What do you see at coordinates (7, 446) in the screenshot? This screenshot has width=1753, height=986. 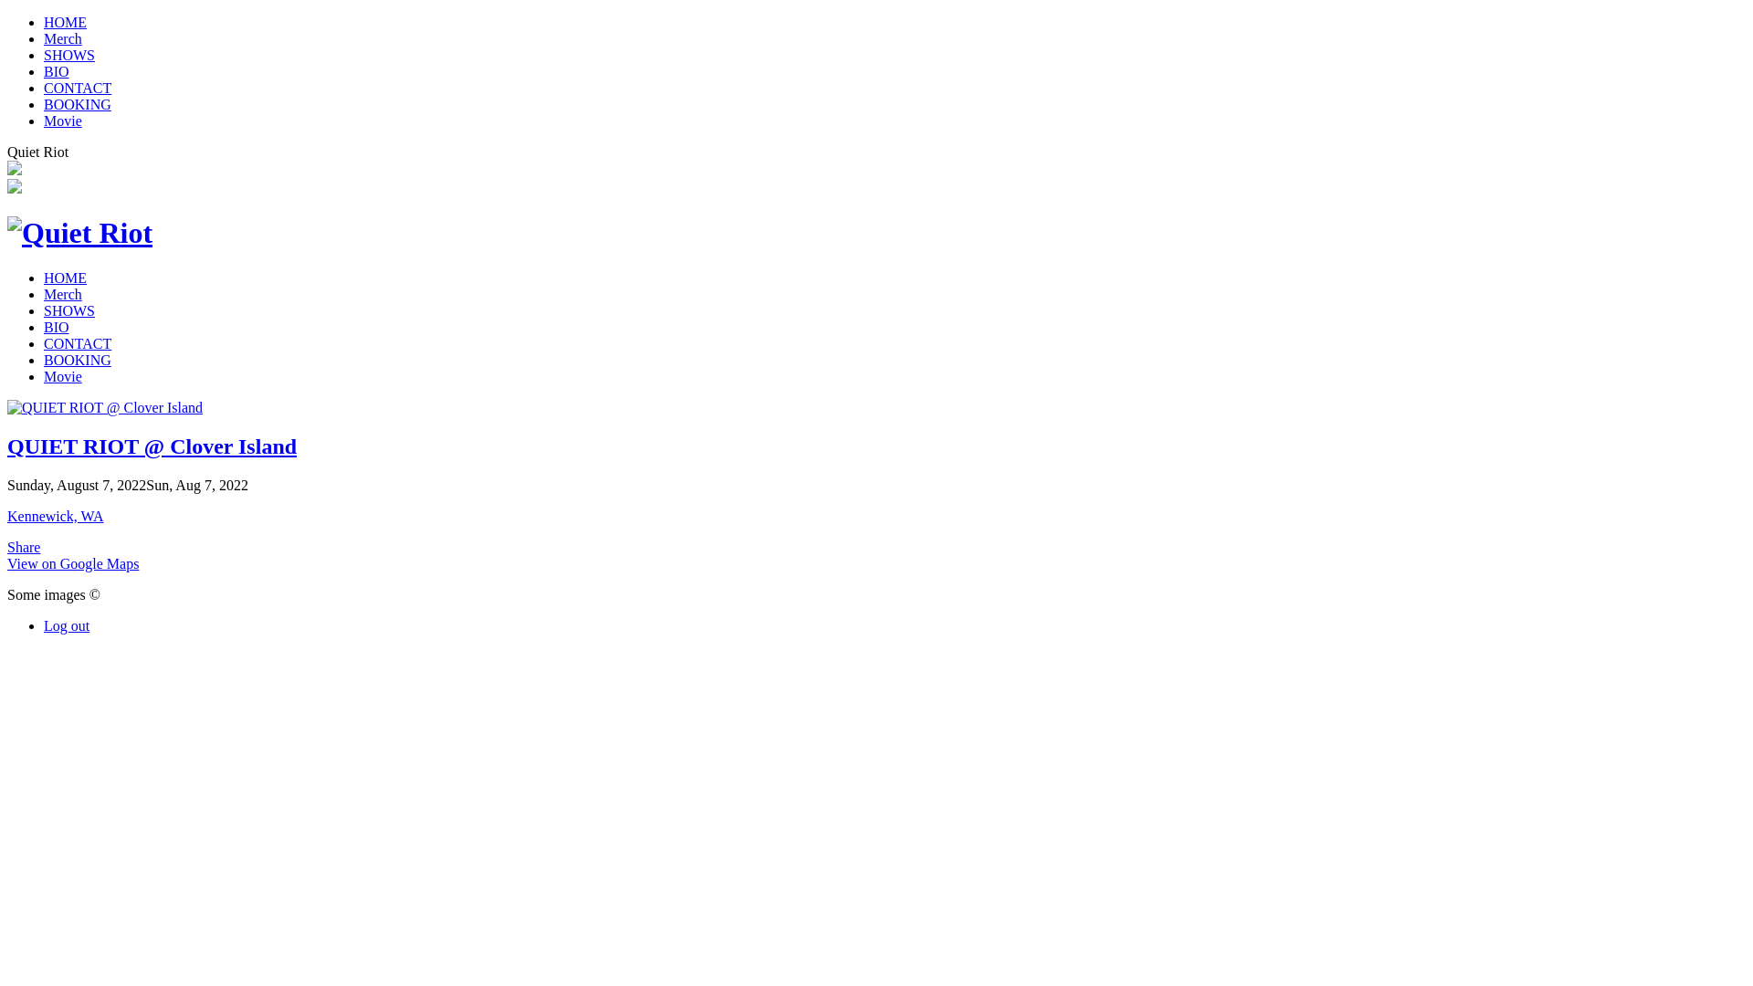 I see `'QUIET RIOT @ Clover Island'` at bounding box center [7, 446].